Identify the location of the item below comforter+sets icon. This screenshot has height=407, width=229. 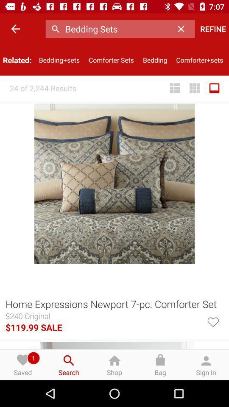
(214, 88).